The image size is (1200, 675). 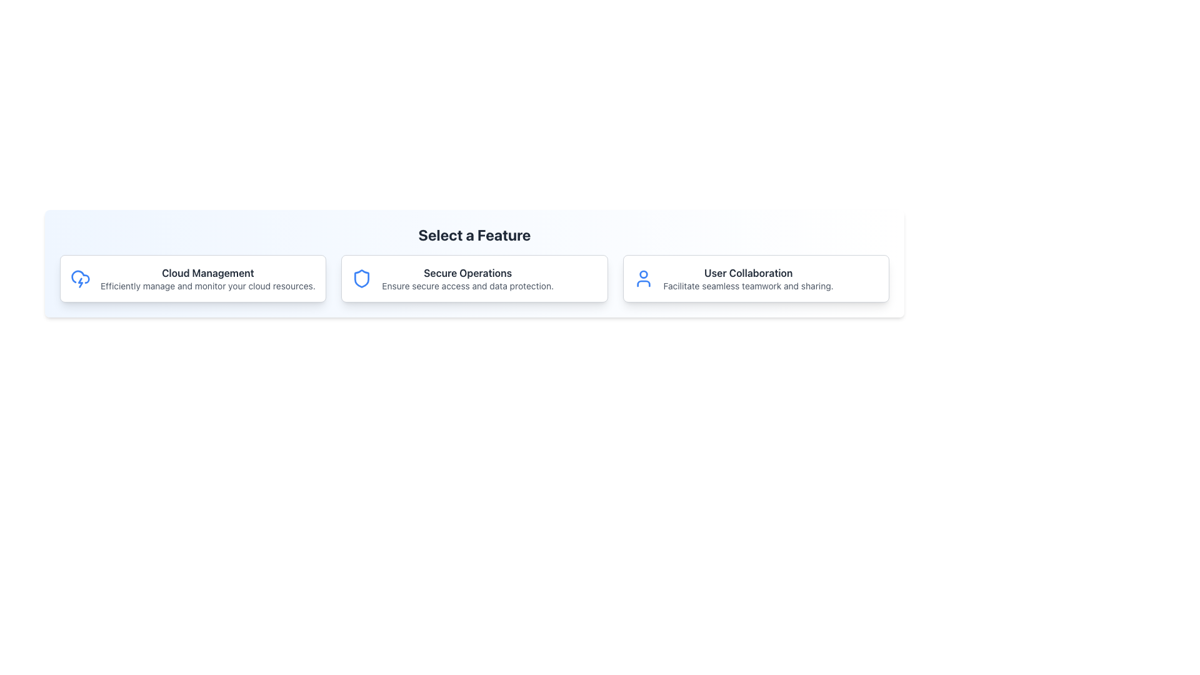 I want to click on the user profile icon, which is blue and located at the top-left of the 'User Collaboration' feature card, so click(x=643, y=277).